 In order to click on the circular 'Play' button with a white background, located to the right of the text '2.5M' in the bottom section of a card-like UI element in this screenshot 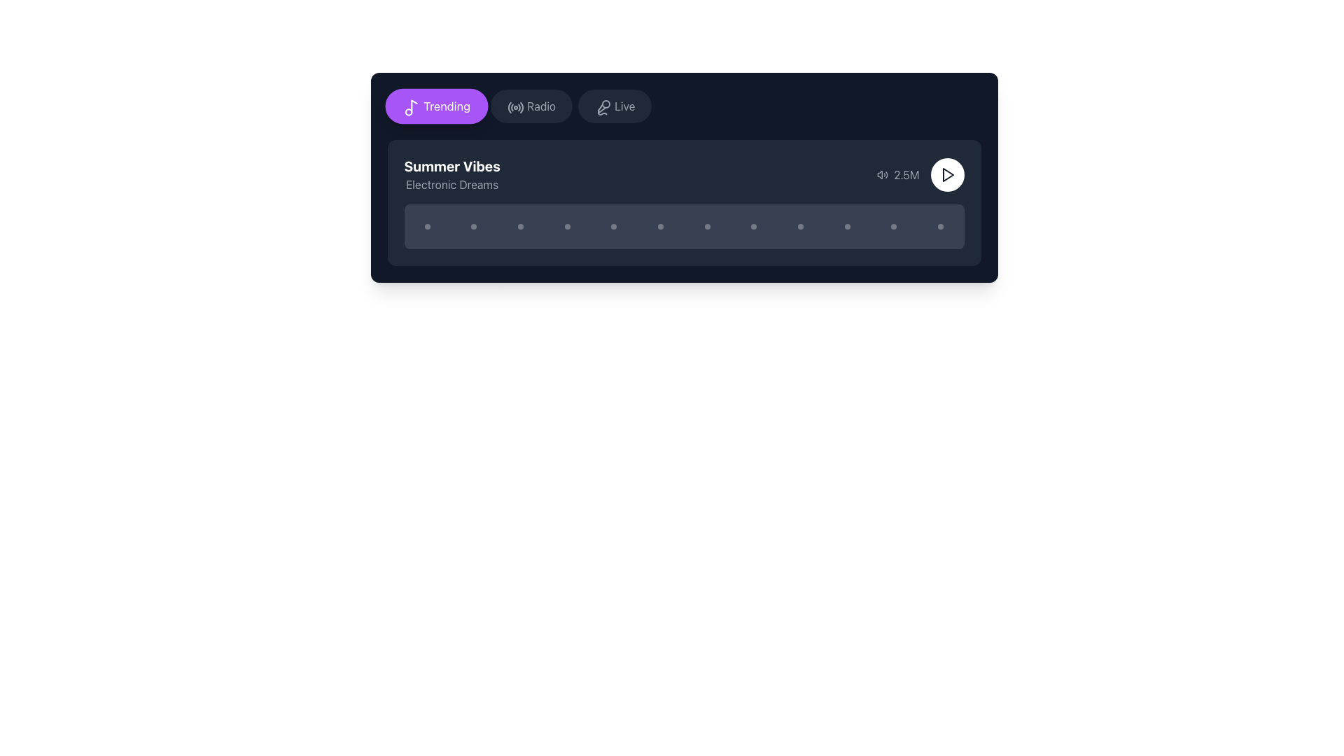, I will do `click(947, 174)`.